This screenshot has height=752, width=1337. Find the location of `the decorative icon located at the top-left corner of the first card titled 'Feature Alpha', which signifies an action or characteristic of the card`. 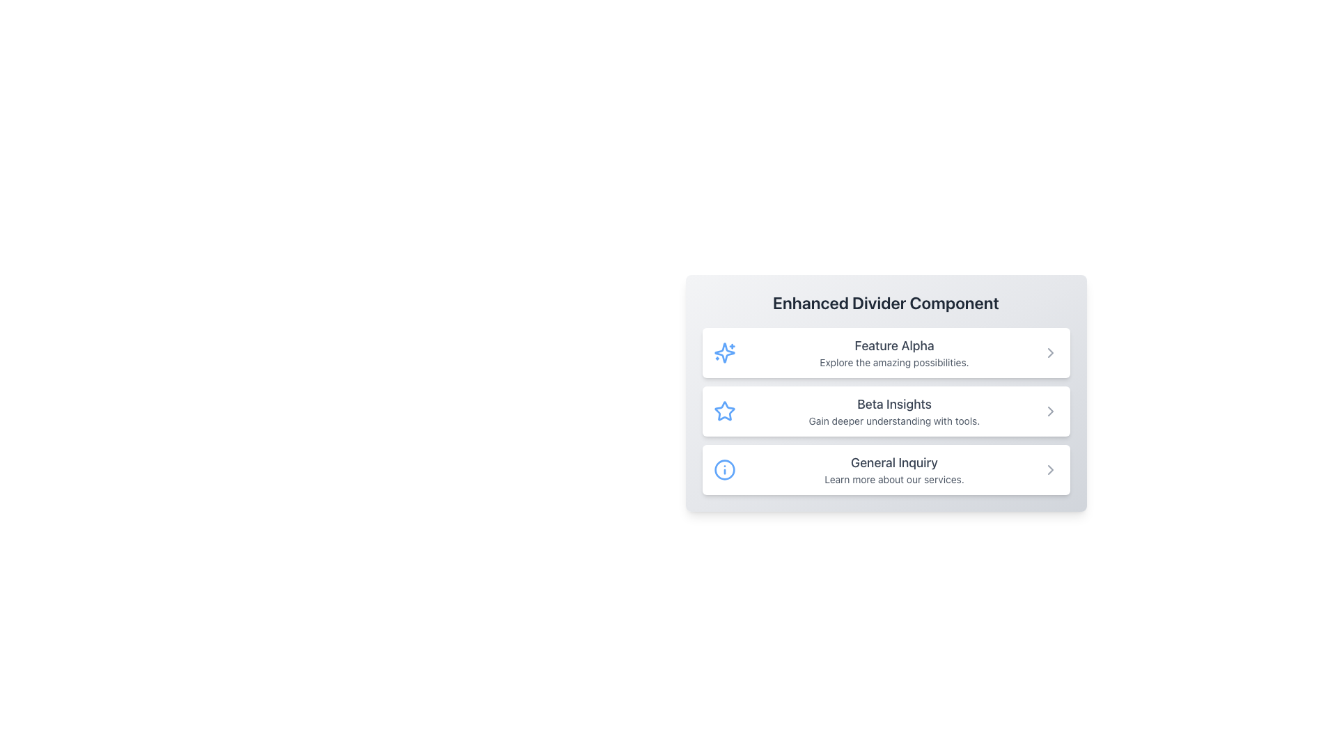

the decorative icon located at the top-left corner of the first card titled 'Feature Alpha', which signifies an action or characteristic of the card is located at coordinates (724, 352).